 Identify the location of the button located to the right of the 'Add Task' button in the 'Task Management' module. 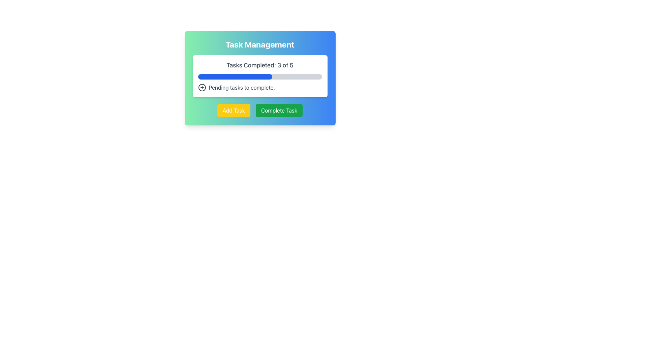
(279, 110).